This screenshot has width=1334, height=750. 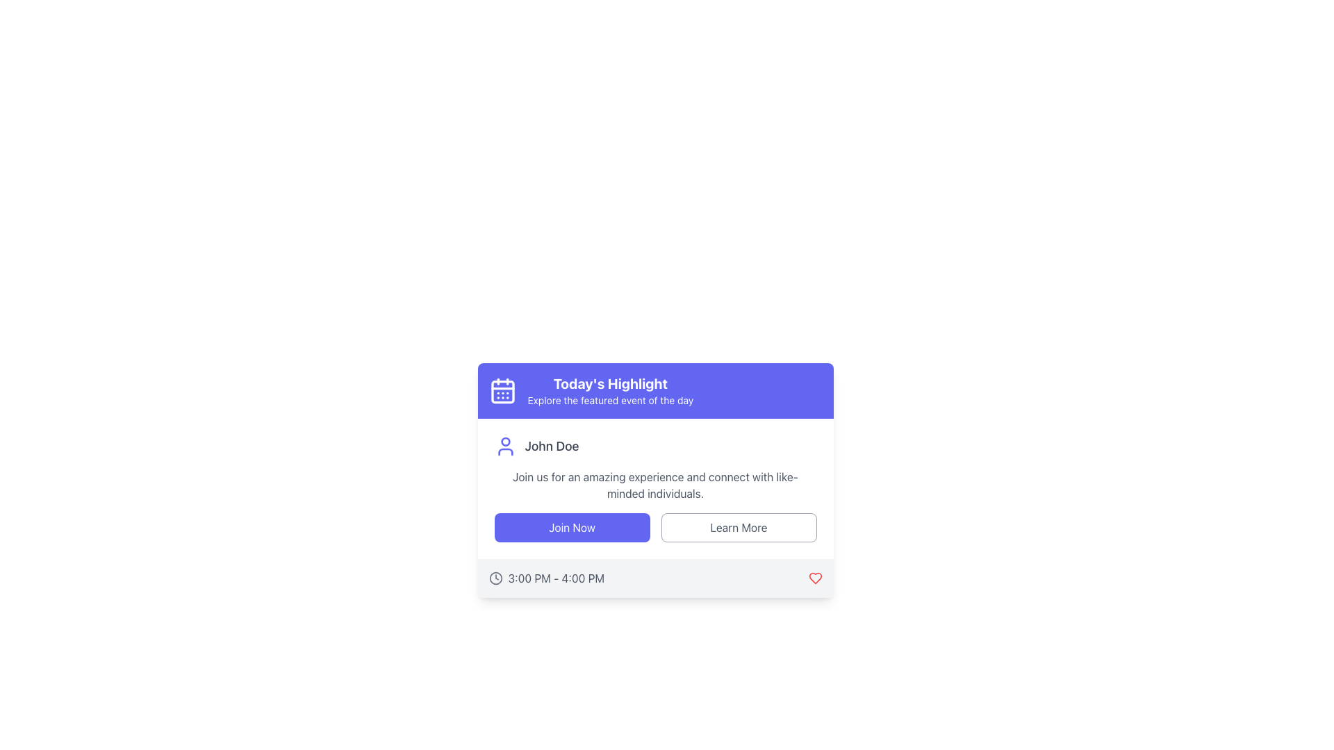 What do you see at coordinates (610, 383) in the screenshot?
I see `the title text element located in the upper-left corner of the card component, which introduces the content or purpose of the card` at bounding box center [610, 383].